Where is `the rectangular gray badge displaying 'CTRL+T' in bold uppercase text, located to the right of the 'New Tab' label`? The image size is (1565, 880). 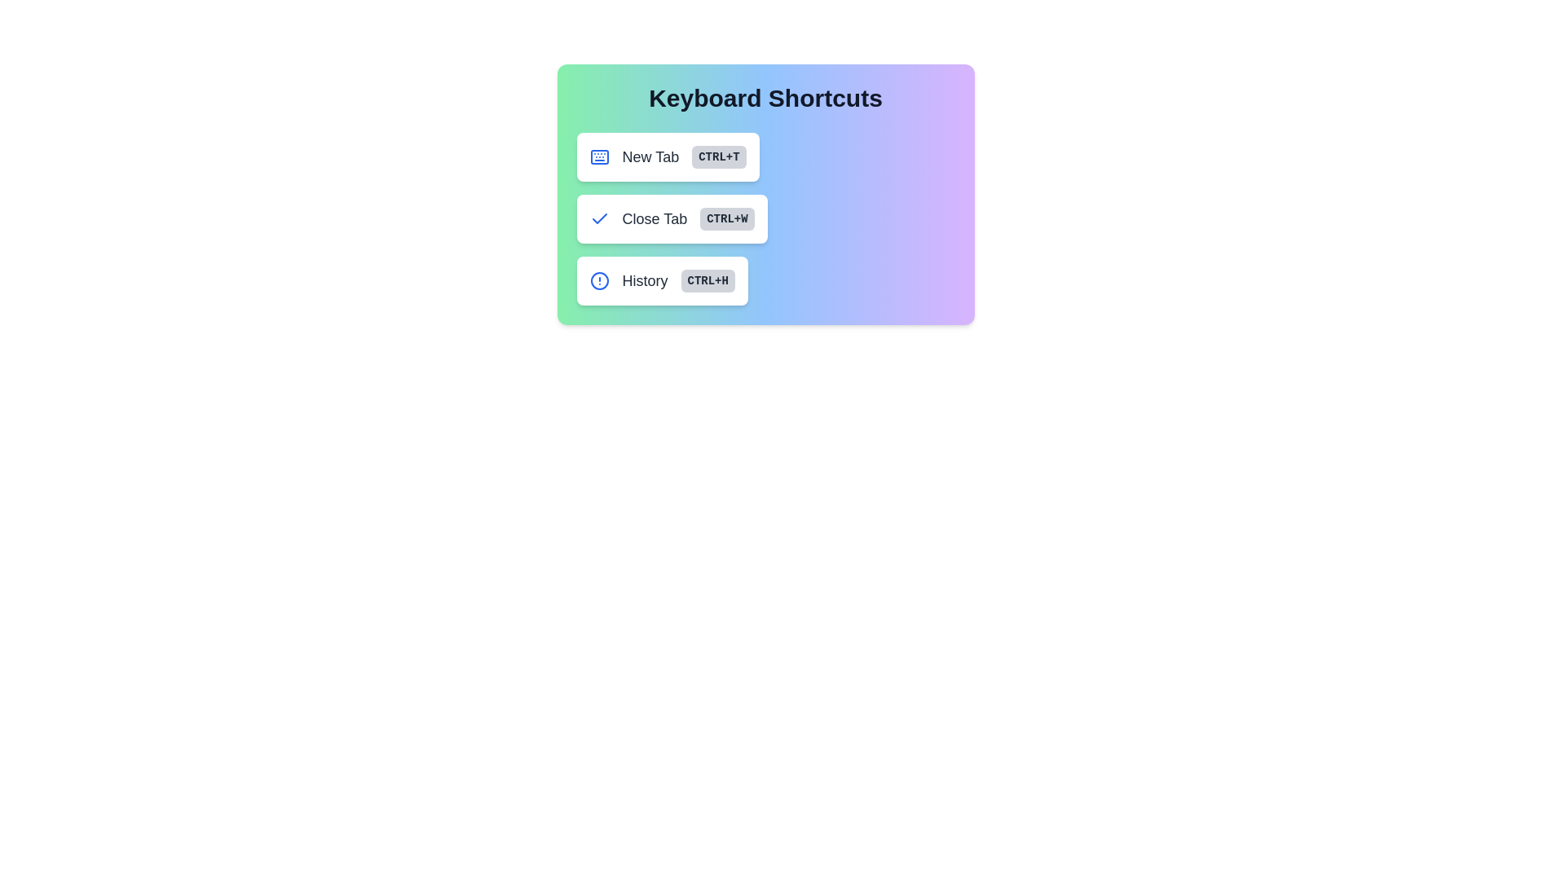 the rectangular gray badge displaying 'CTRL+T' in bold uppercase text, located to the right of the 'New Tab' label is located at coordinates (718, 156).